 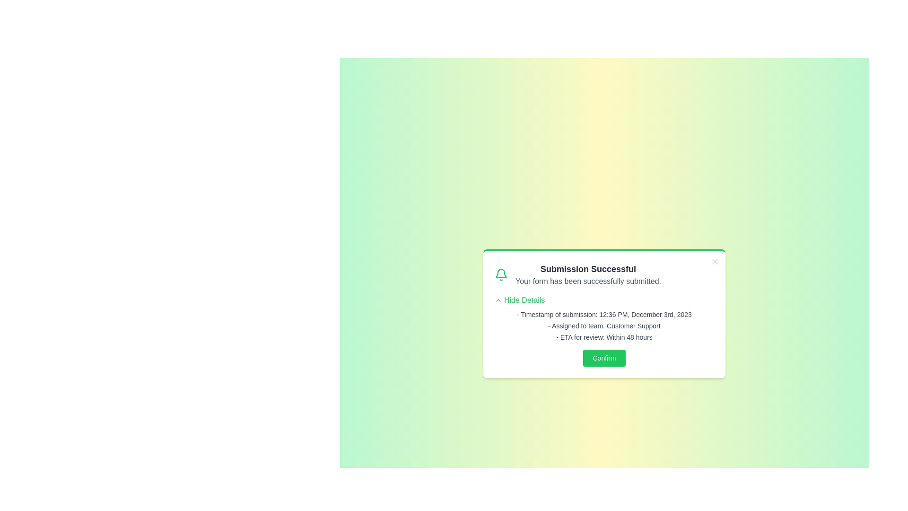 What do you see at coordinates (603, 358) in the screenshot?
I see `the 'Confirm' button to acknowledge the alert` at bounding box center [603, 358].